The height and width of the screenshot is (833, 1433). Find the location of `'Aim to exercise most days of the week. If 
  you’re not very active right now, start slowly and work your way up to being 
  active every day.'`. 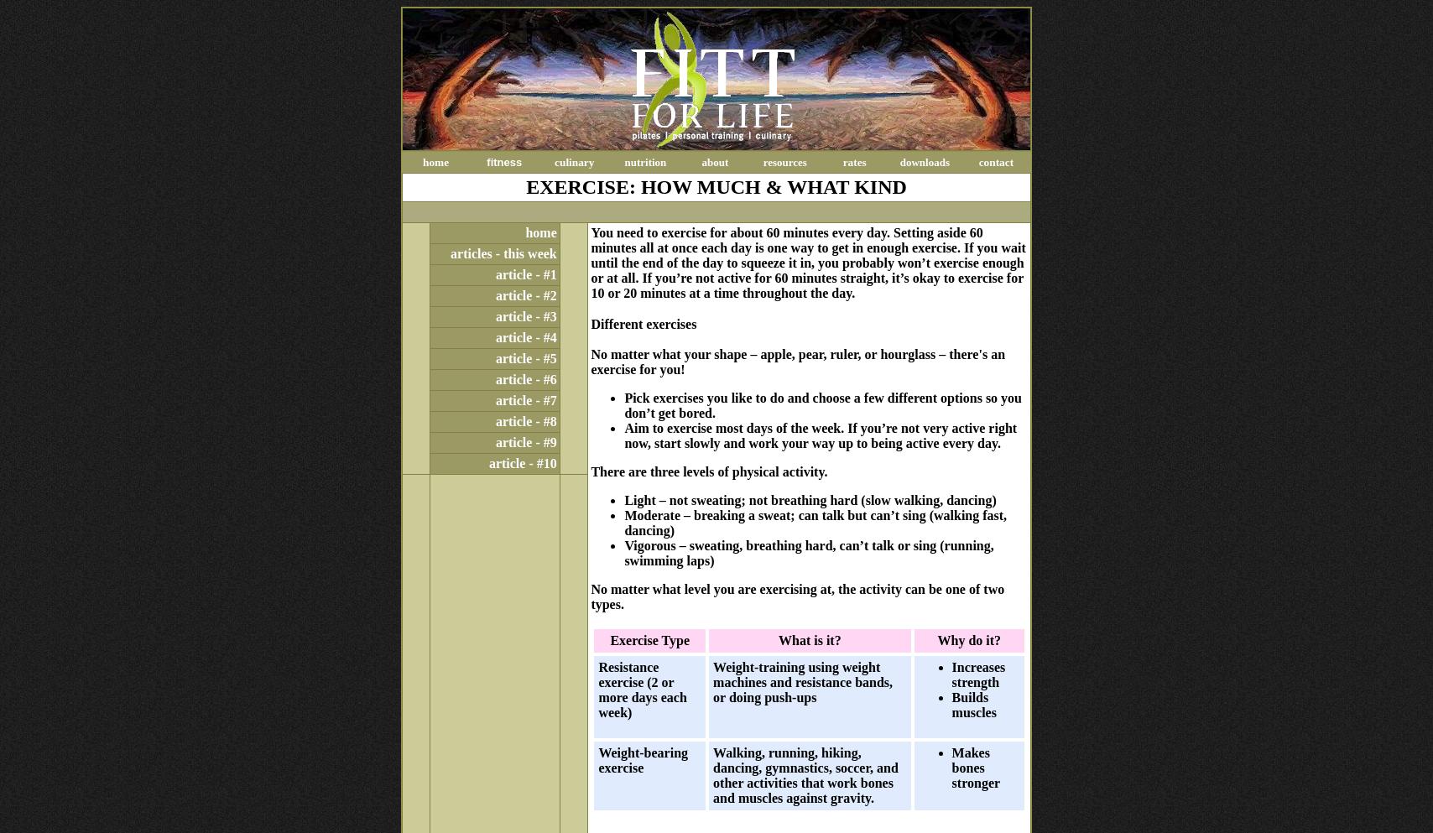

'Aim to exercise most days of the week. If 
  you’re not very active right now, start slowly and work your way up to being 
  active every day.' is located at coordinates (821, 435).